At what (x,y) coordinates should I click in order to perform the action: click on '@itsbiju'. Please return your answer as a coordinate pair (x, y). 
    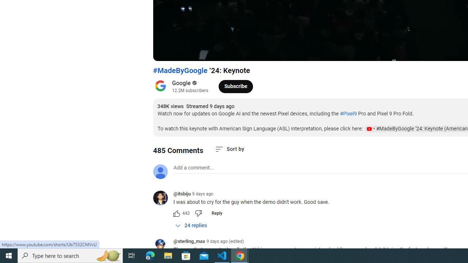
    Looking at the image, I should click on (163, 198).